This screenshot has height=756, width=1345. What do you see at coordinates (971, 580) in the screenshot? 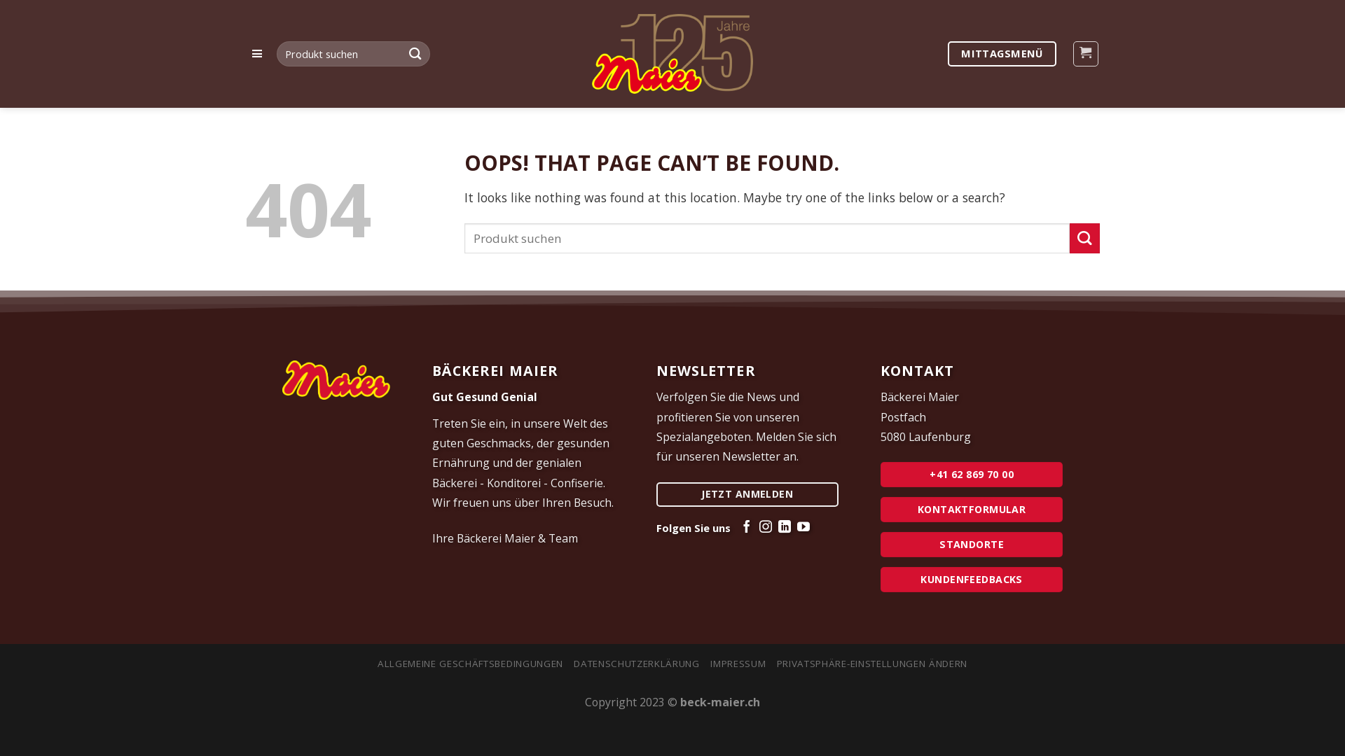
I see `'KUNDENFEEDBACKS'` at bounding box center [971, 580].